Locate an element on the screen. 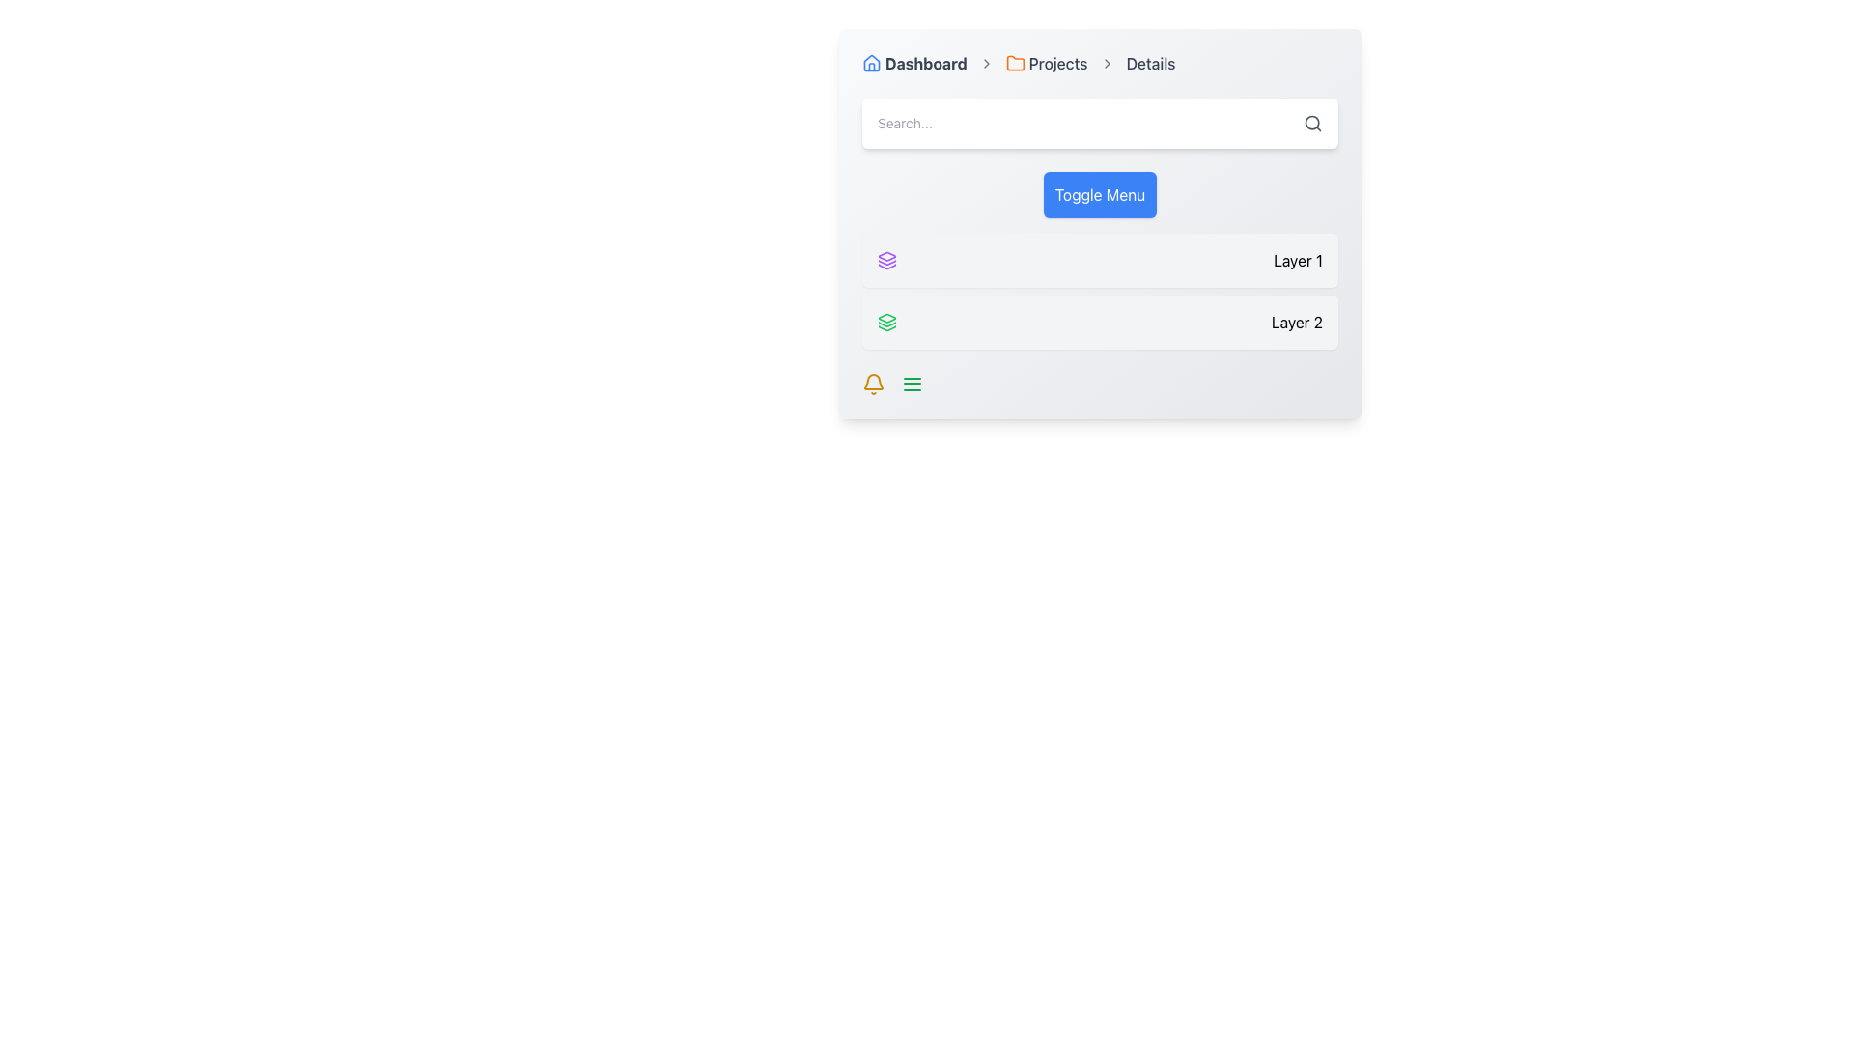 This screenshot has height=1043, width=1854. the second graphical icon component in the stack of three, located next to the text label 'Layer 1' in the left panel of the UI is located at coordinates (885, 324).